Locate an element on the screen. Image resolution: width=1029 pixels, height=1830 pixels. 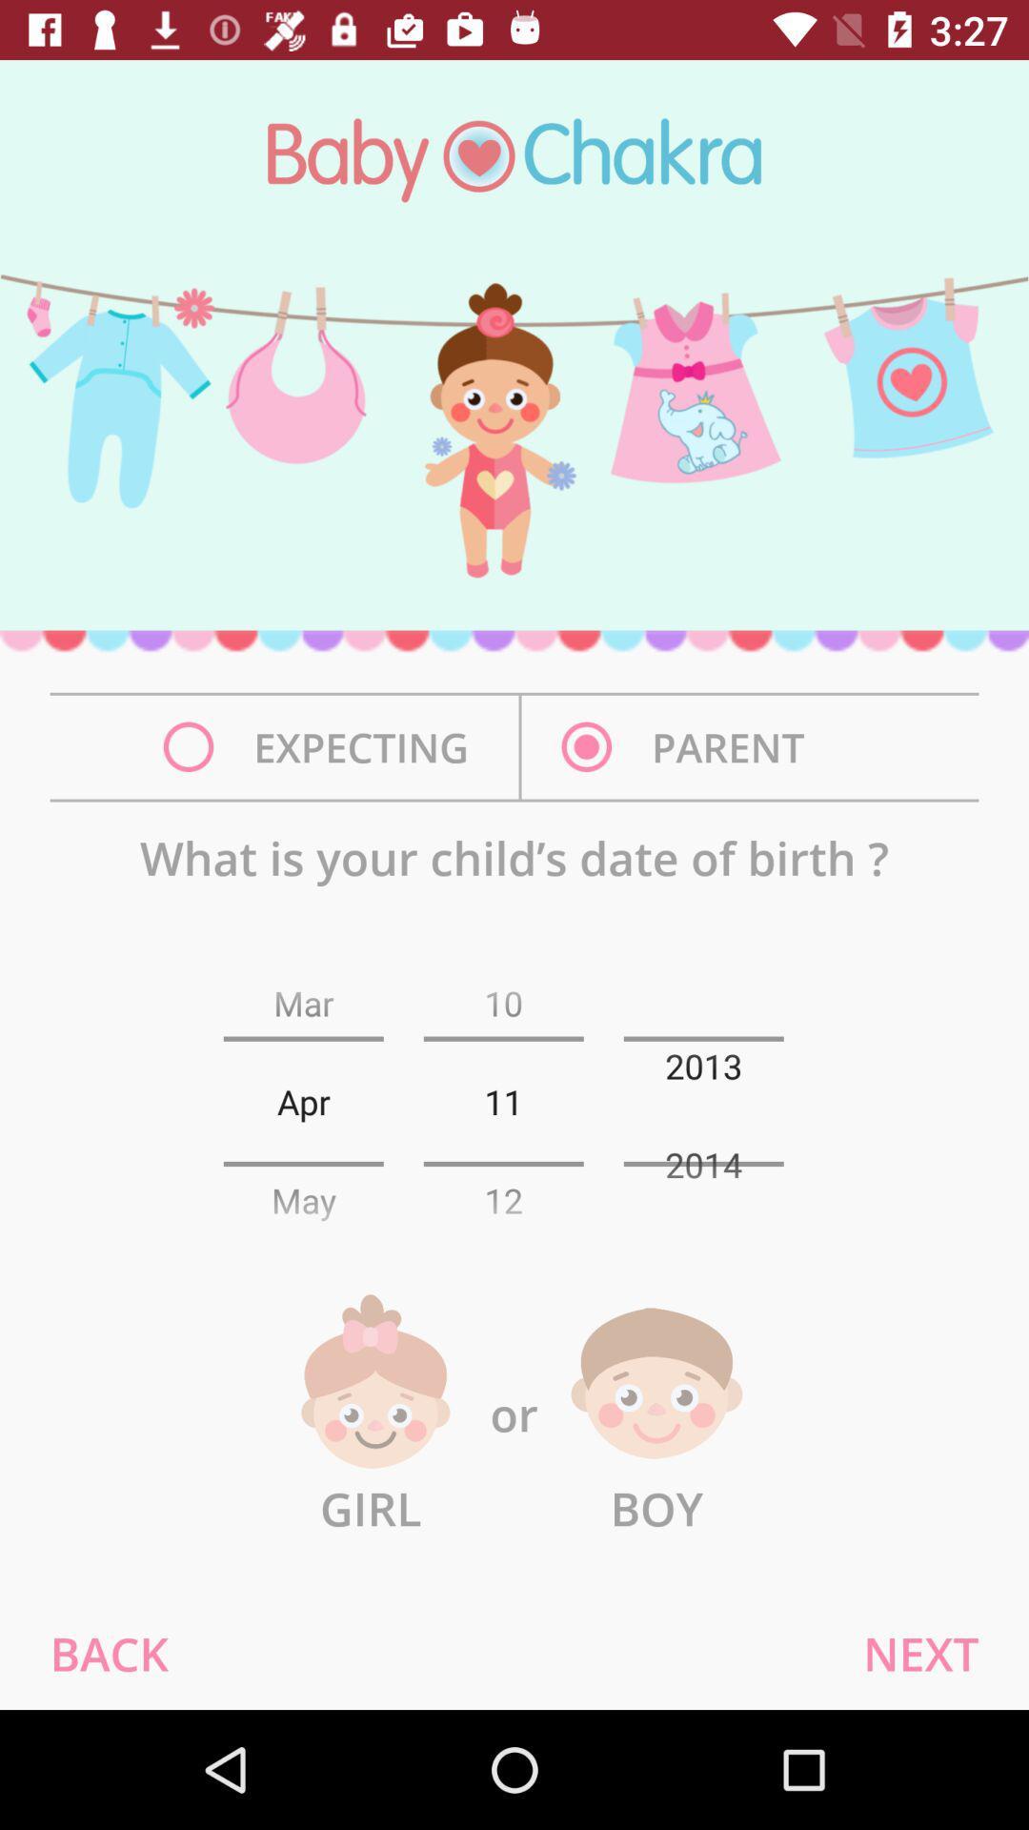
the image which is above the girl is located at coordinates (371, 1383).